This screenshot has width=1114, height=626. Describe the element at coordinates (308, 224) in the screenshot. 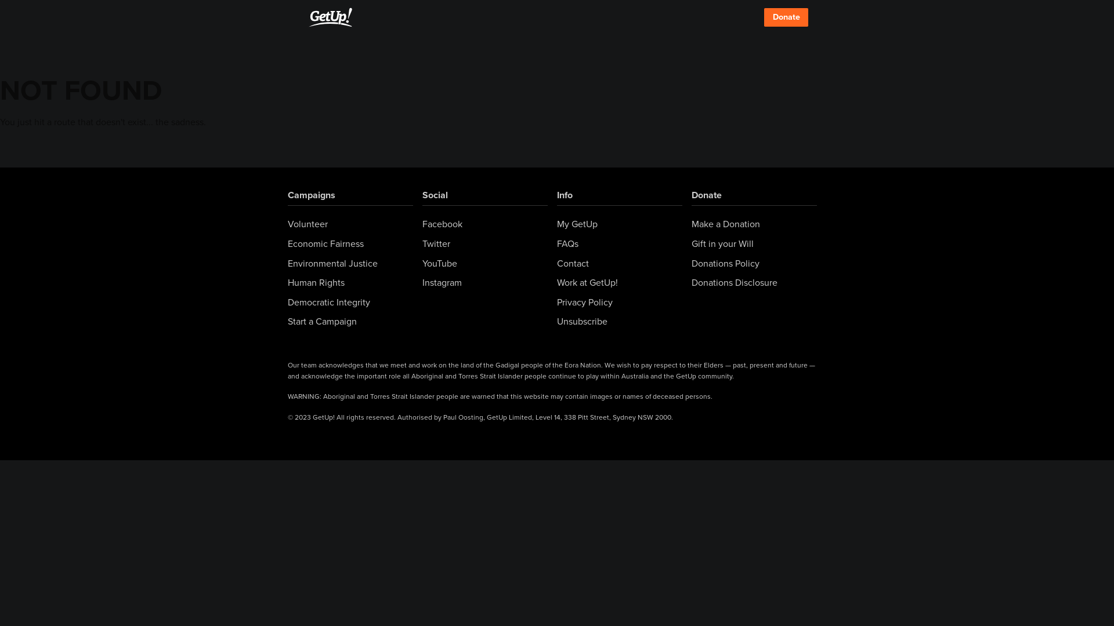

I see `'Volunteer'` at that location.